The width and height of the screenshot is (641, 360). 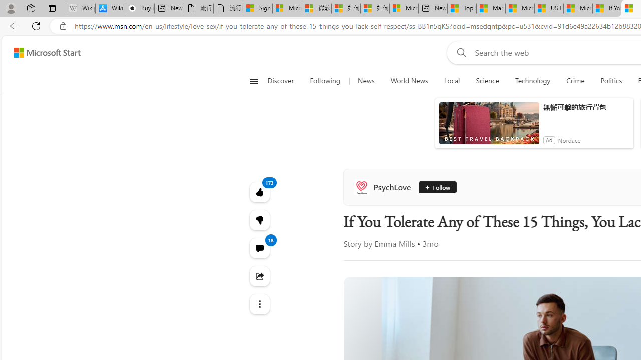 I want to click on 'Local', so click(x=451, y=81).